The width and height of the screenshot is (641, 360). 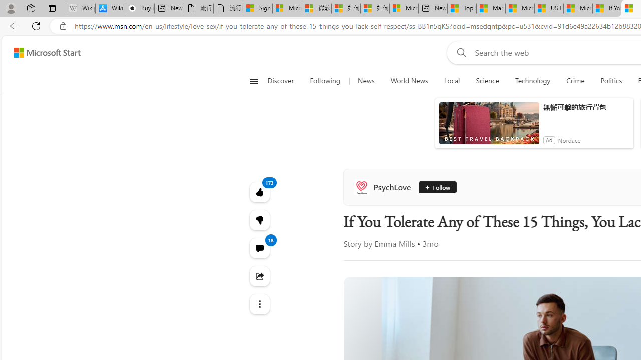 I want to click on 'Local', so click(x=451, y=81).